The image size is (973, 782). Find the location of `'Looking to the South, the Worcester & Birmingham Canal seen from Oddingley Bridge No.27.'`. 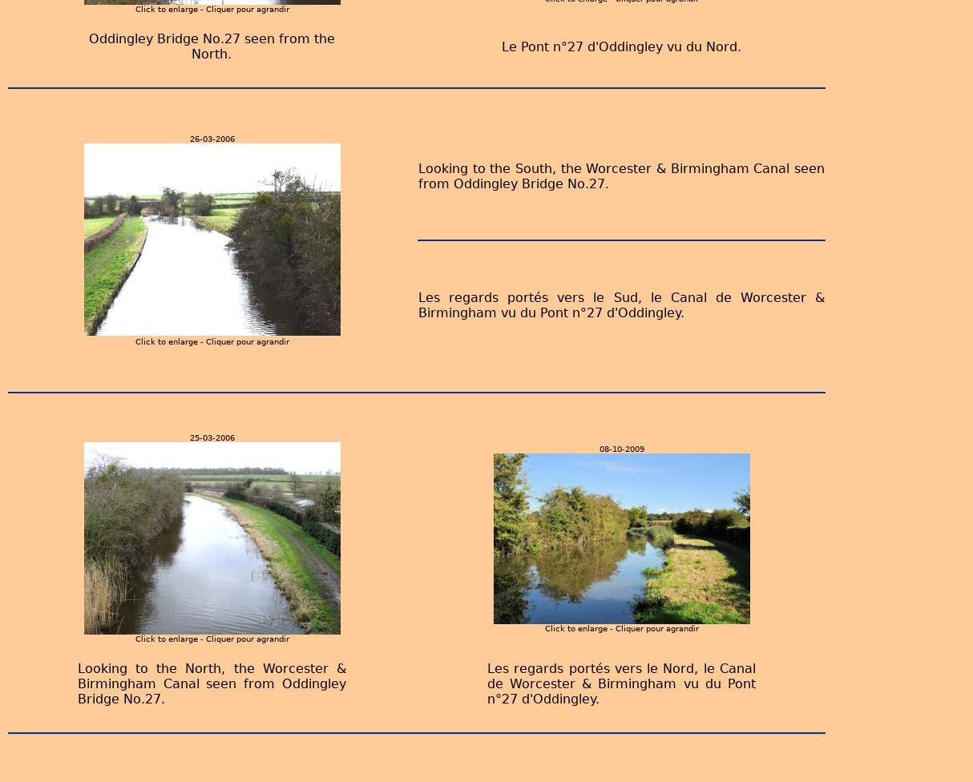

'Looking to the South, the Worcester & Birmingham Canal seen from Oddingley Bridge No.27.' is located at coordinates (620, 175).